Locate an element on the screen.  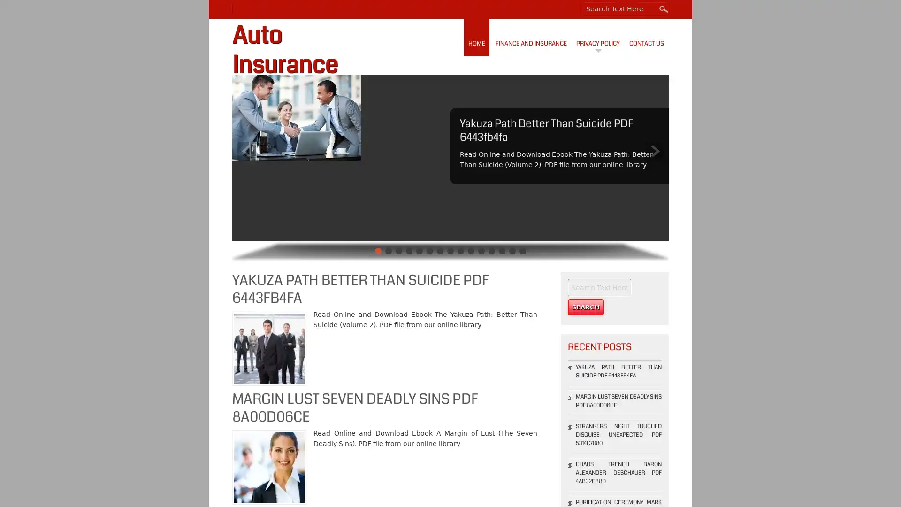
Search is located at coordinates (585, 307).